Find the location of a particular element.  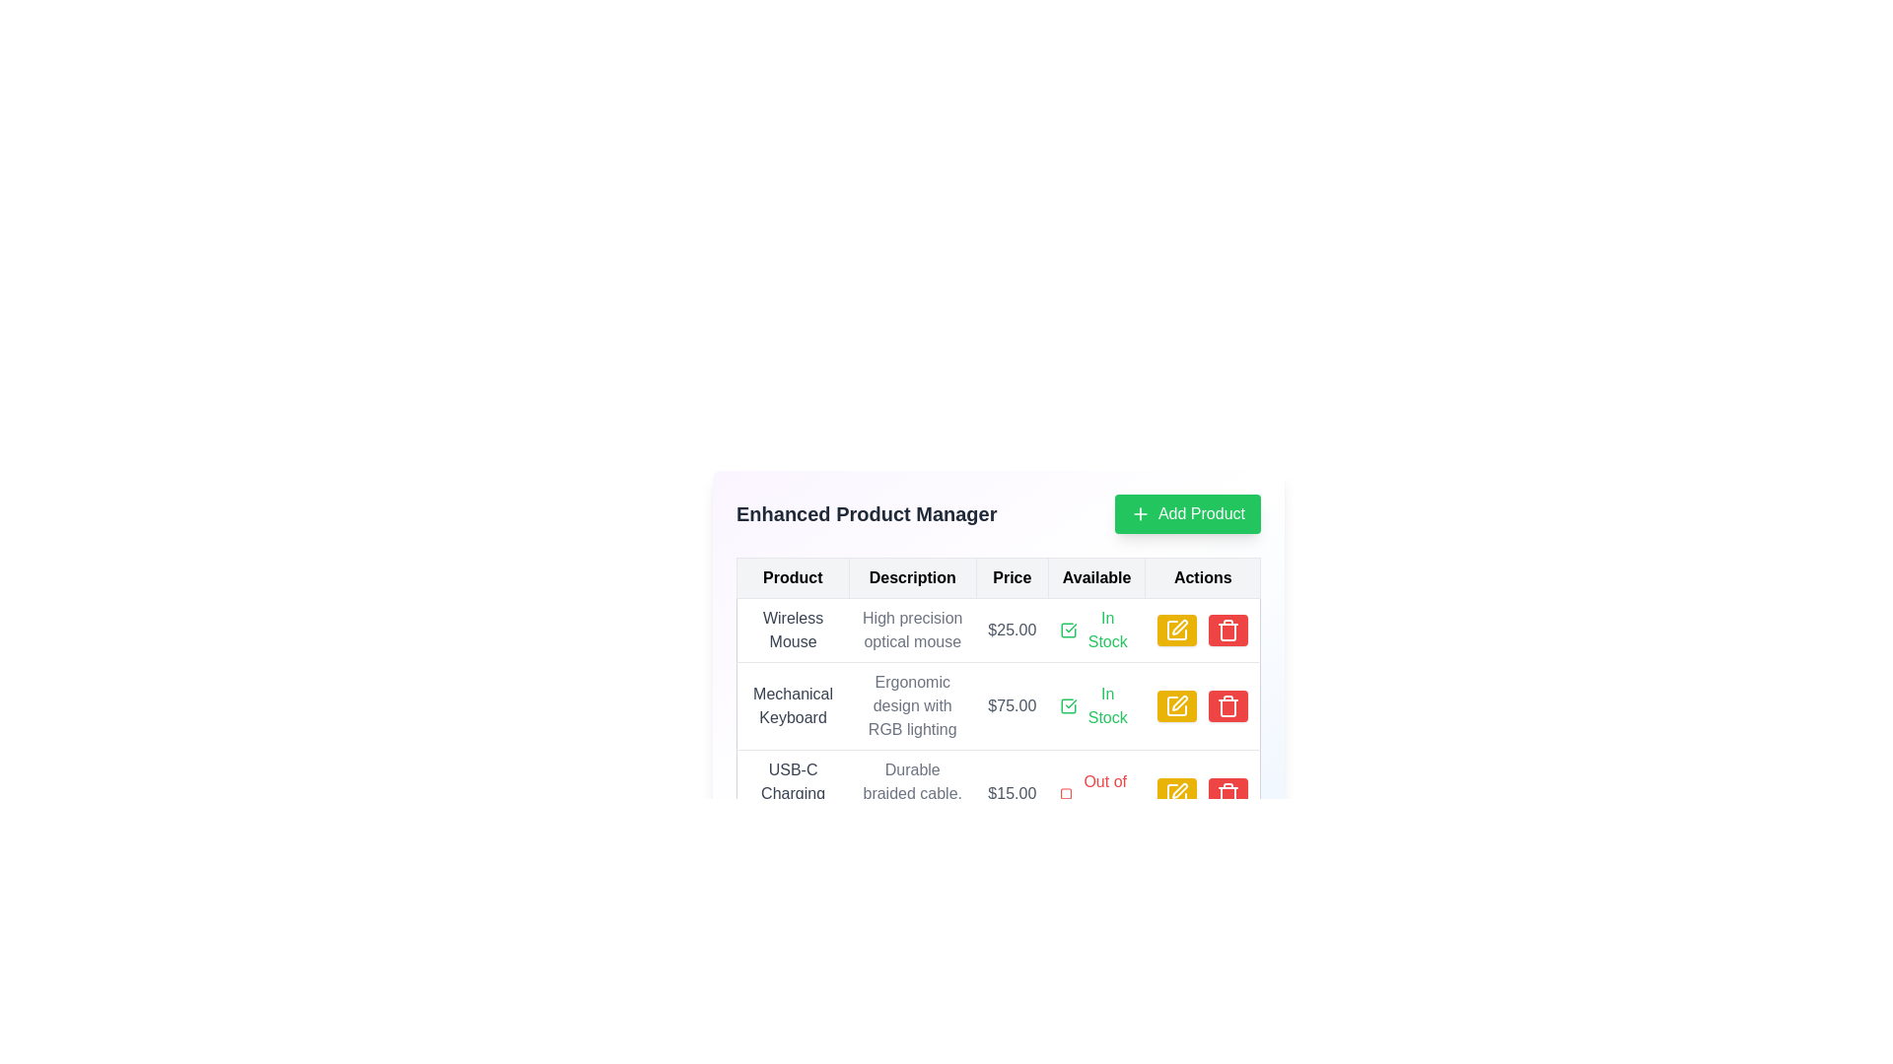

information from the product list item, which is the third entry displaying details about the product, including name, description, price, and availability is located at coordinates (998, 793).